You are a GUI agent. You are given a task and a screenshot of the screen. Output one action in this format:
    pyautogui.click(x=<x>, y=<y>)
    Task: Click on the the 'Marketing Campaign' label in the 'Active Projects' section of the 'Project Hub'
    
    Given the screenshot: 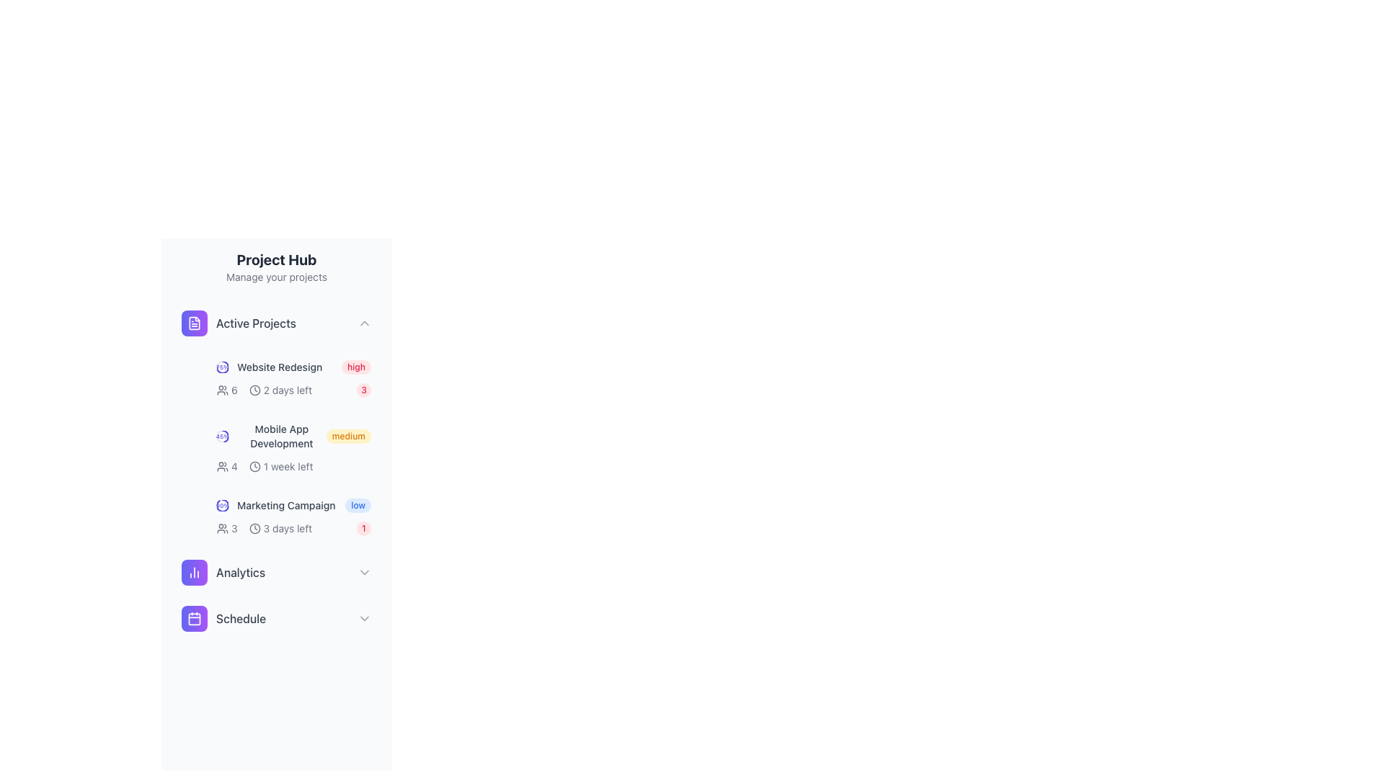 What is the action you would take?
    pyautogui.click(x=276, y=505)
    